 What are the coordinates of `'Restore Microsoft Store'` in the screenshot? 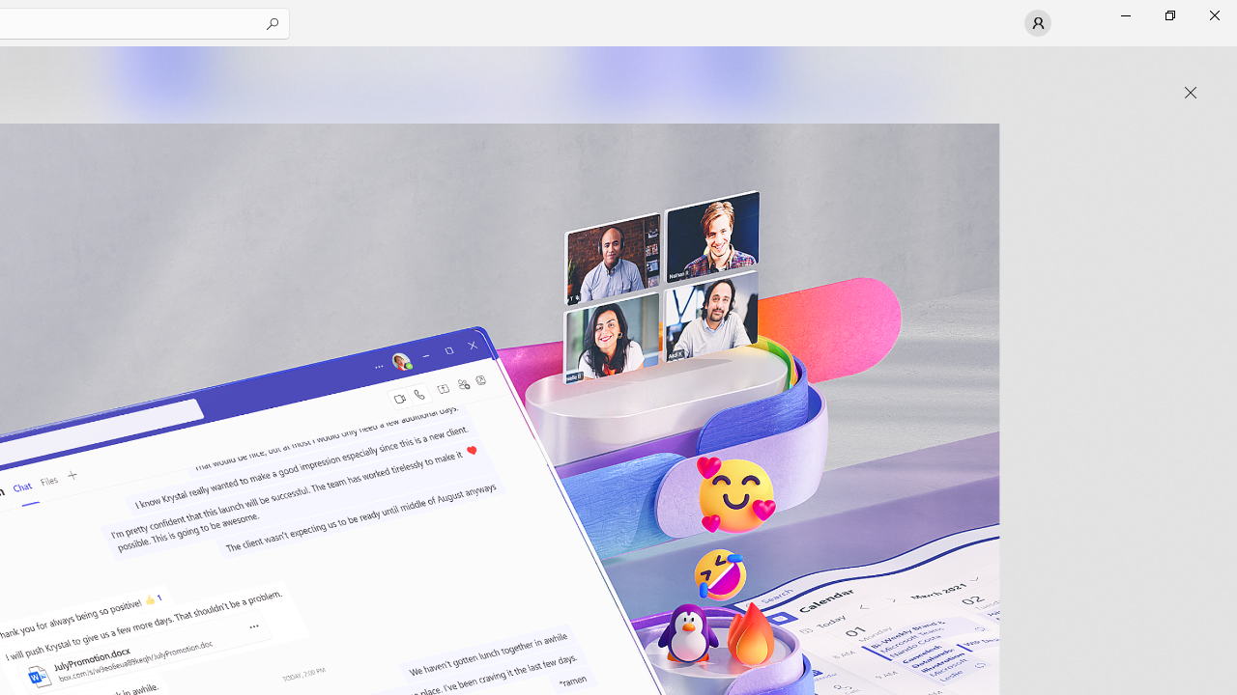 It's located at (1168, 14).